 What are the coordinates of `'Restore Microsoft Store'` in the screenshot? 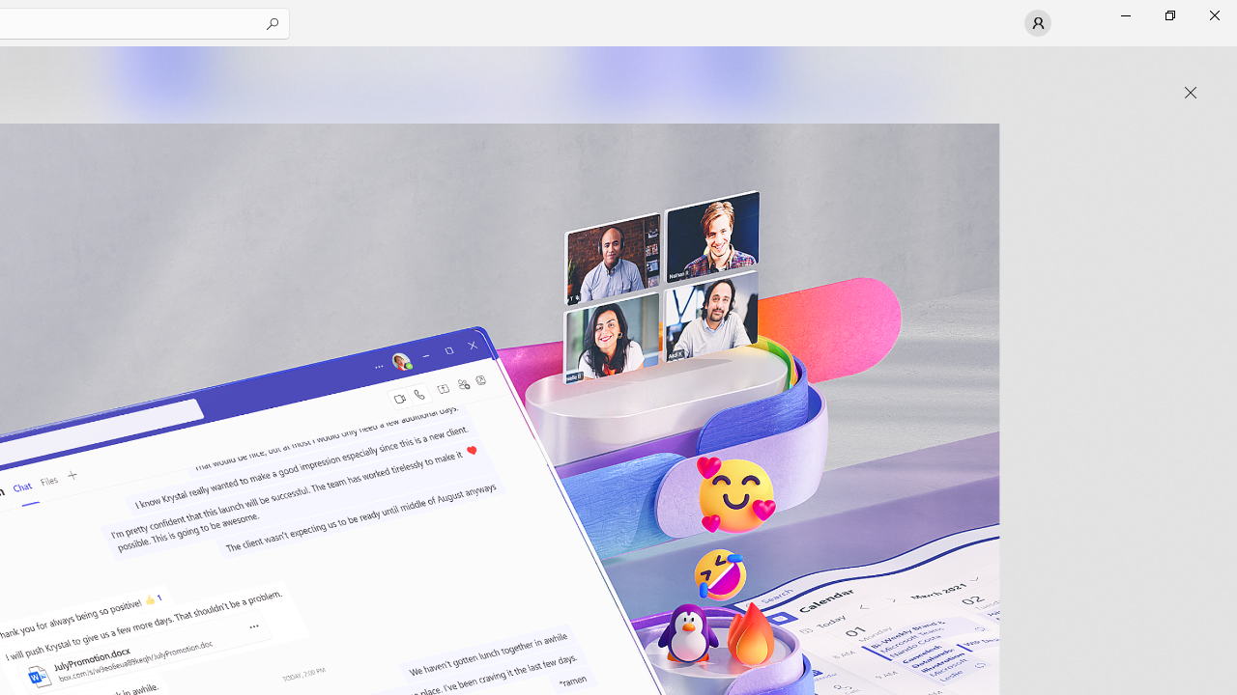 It's located at (1168, 14).